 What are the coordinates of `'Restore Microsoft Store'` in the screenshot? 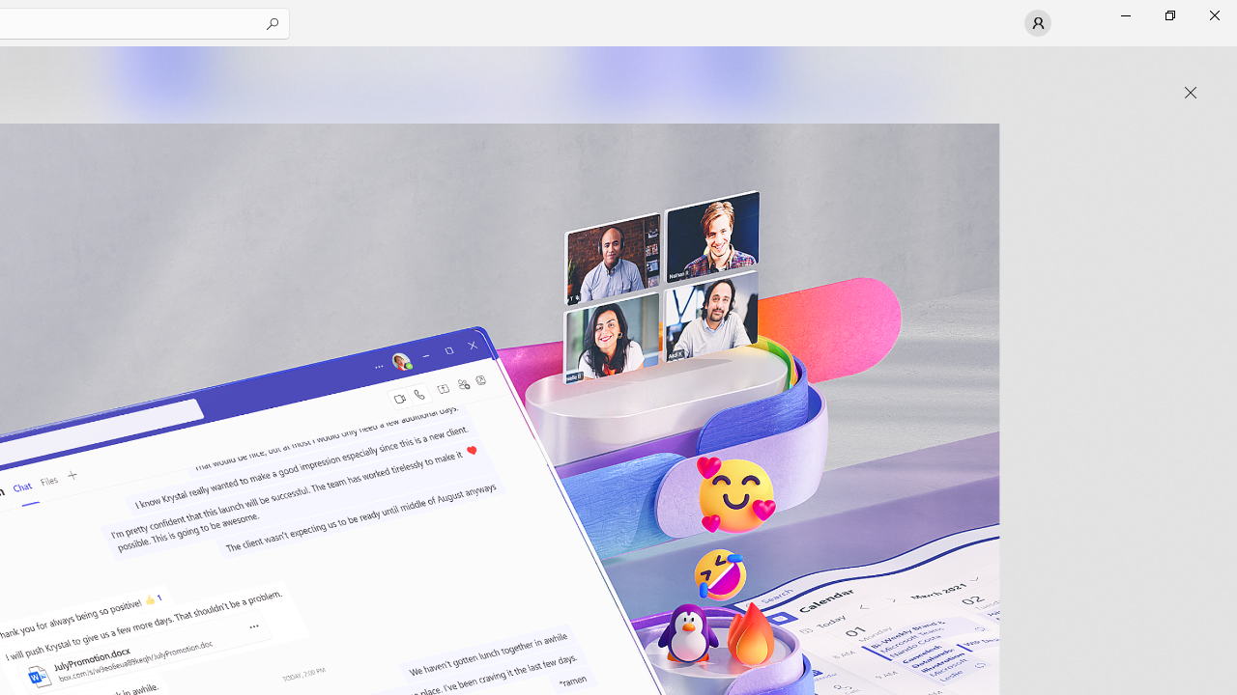 It's located at (1168, 14).